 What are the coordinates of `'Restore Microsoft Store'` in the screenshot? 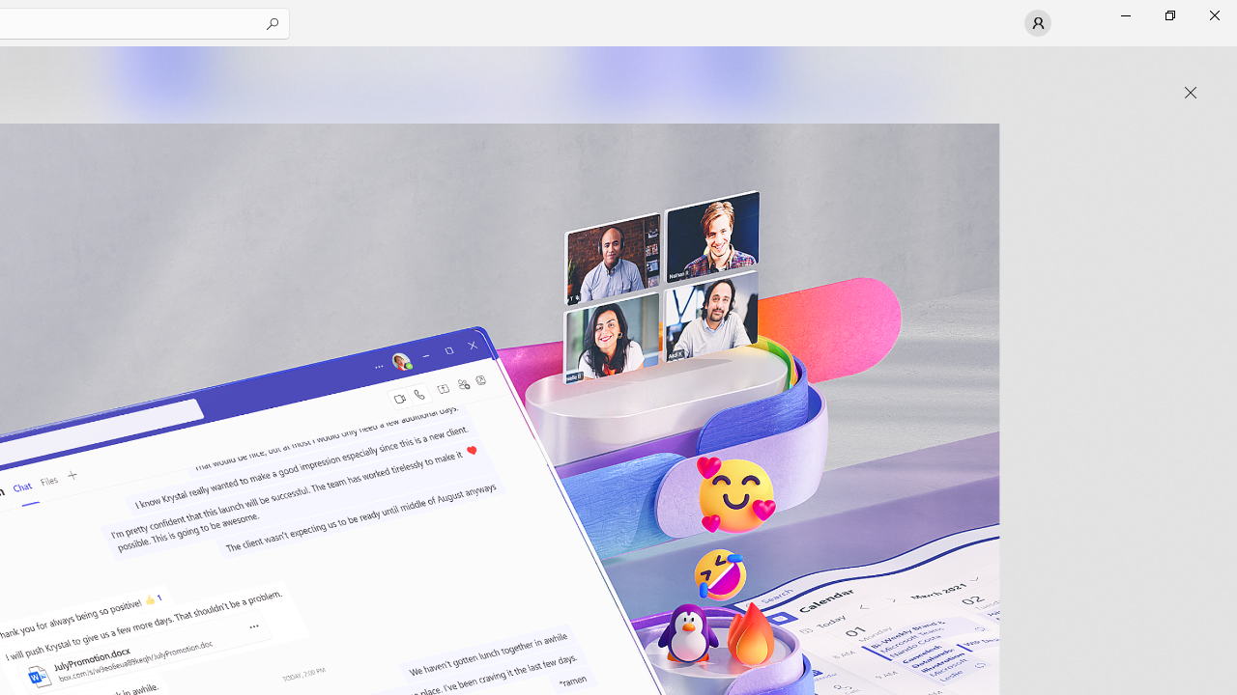 It's located at (1168, 14).